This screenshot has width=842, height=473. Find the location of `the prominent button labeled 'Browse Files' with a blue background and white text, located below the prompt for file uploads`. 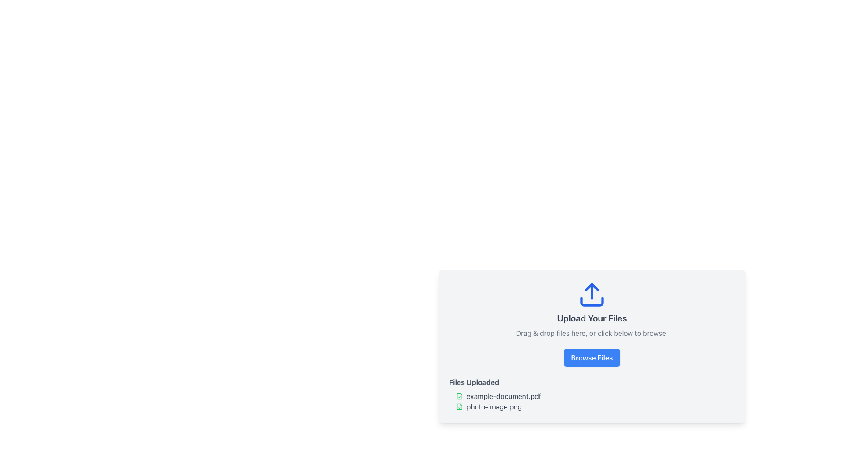

the prominent button labeled 'Browse Files' with a blue background and white text, located below the prompt for file uploads is located at coordinates (592, 358).